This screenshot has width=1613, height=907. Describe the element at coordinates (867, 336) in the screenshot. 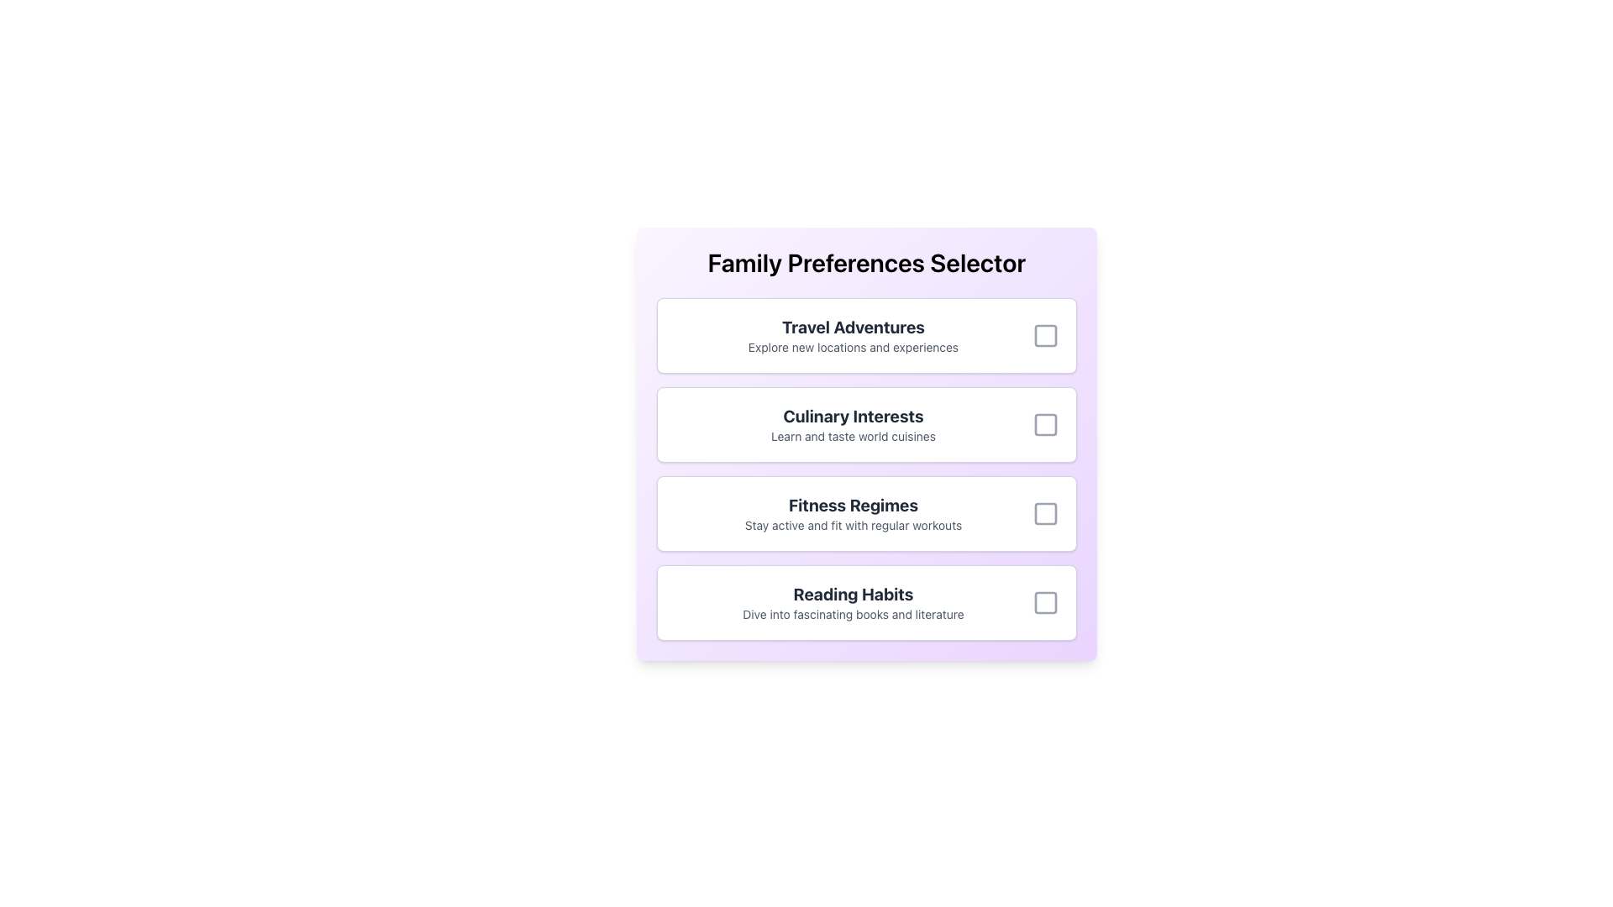

I see `the Selectable card with a checkbox for 'Travel Adventures' in the 'Family Preferences Selector' interface` at that location.